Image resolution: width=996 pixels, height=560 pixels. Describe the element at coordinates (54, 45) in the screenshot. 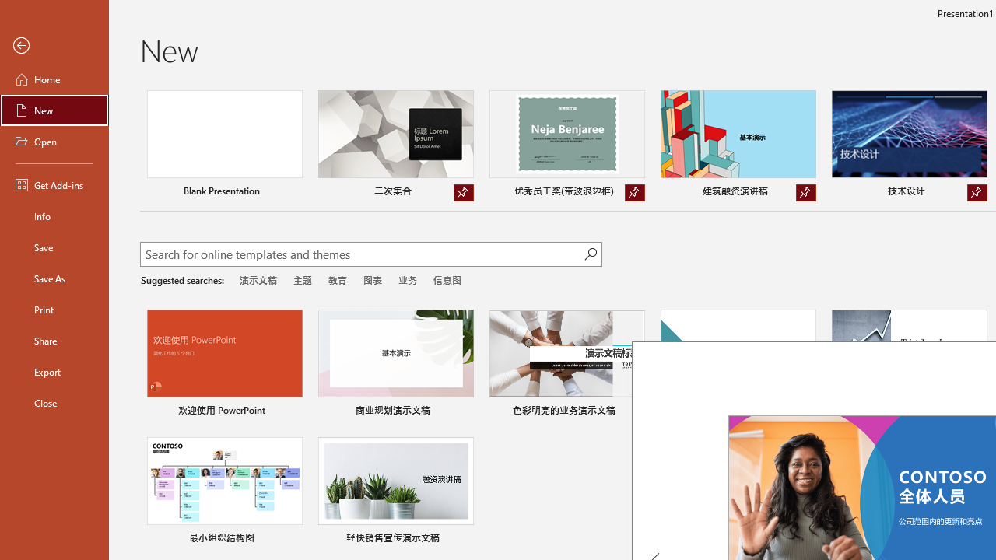

I see `'Back'` at that location.